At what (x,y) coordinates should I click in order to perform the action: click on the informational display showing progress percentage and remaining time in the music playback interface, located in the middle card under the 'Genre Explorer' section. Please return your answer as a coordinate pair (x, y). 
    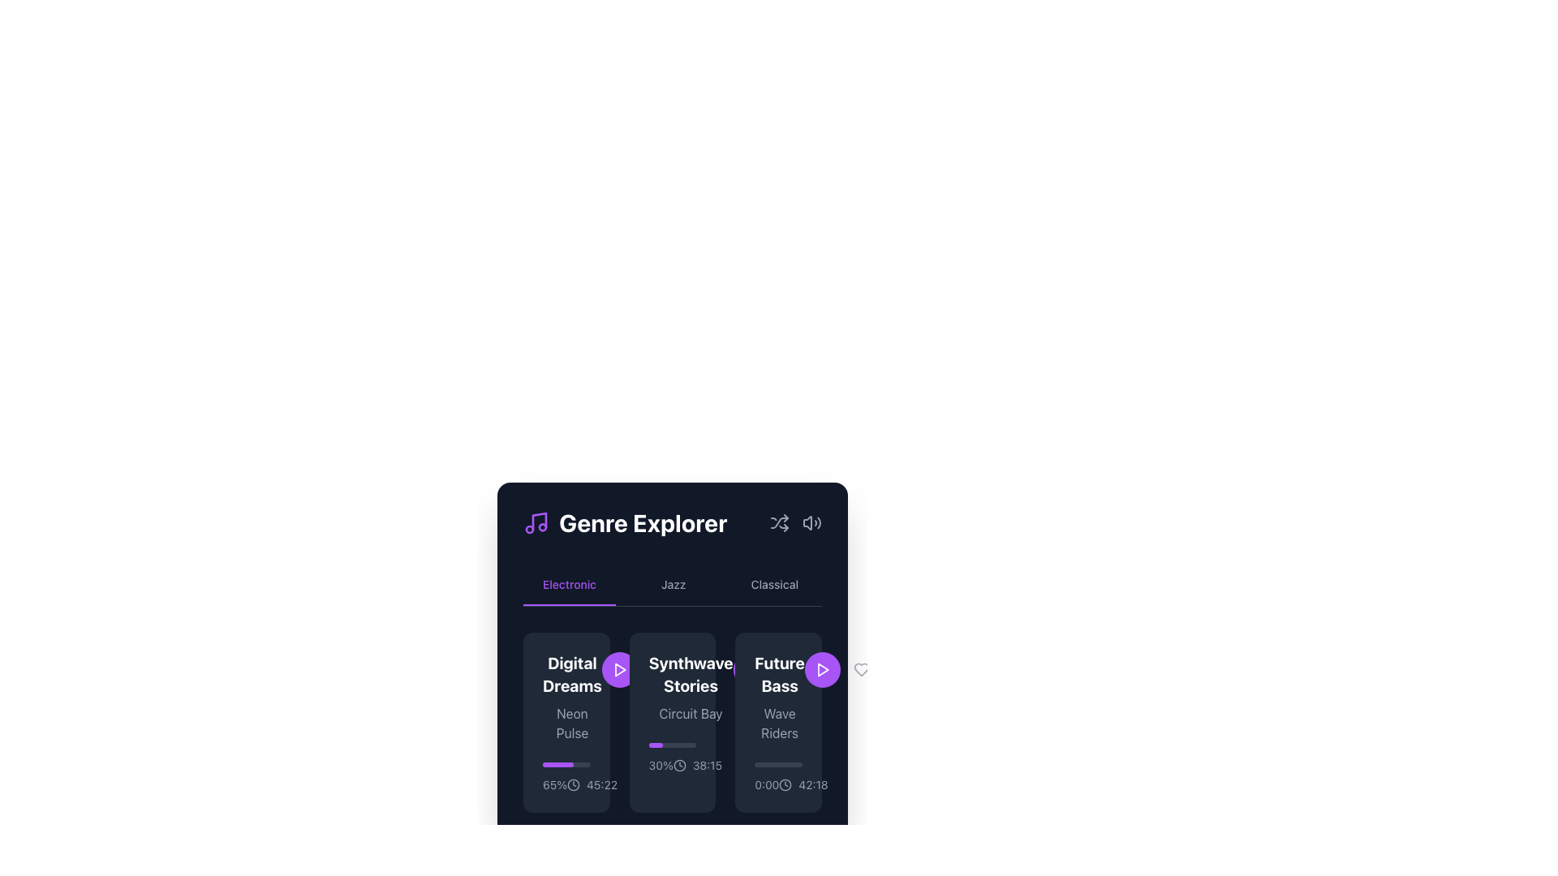
    Looking at the image, I should click on (673, 766).